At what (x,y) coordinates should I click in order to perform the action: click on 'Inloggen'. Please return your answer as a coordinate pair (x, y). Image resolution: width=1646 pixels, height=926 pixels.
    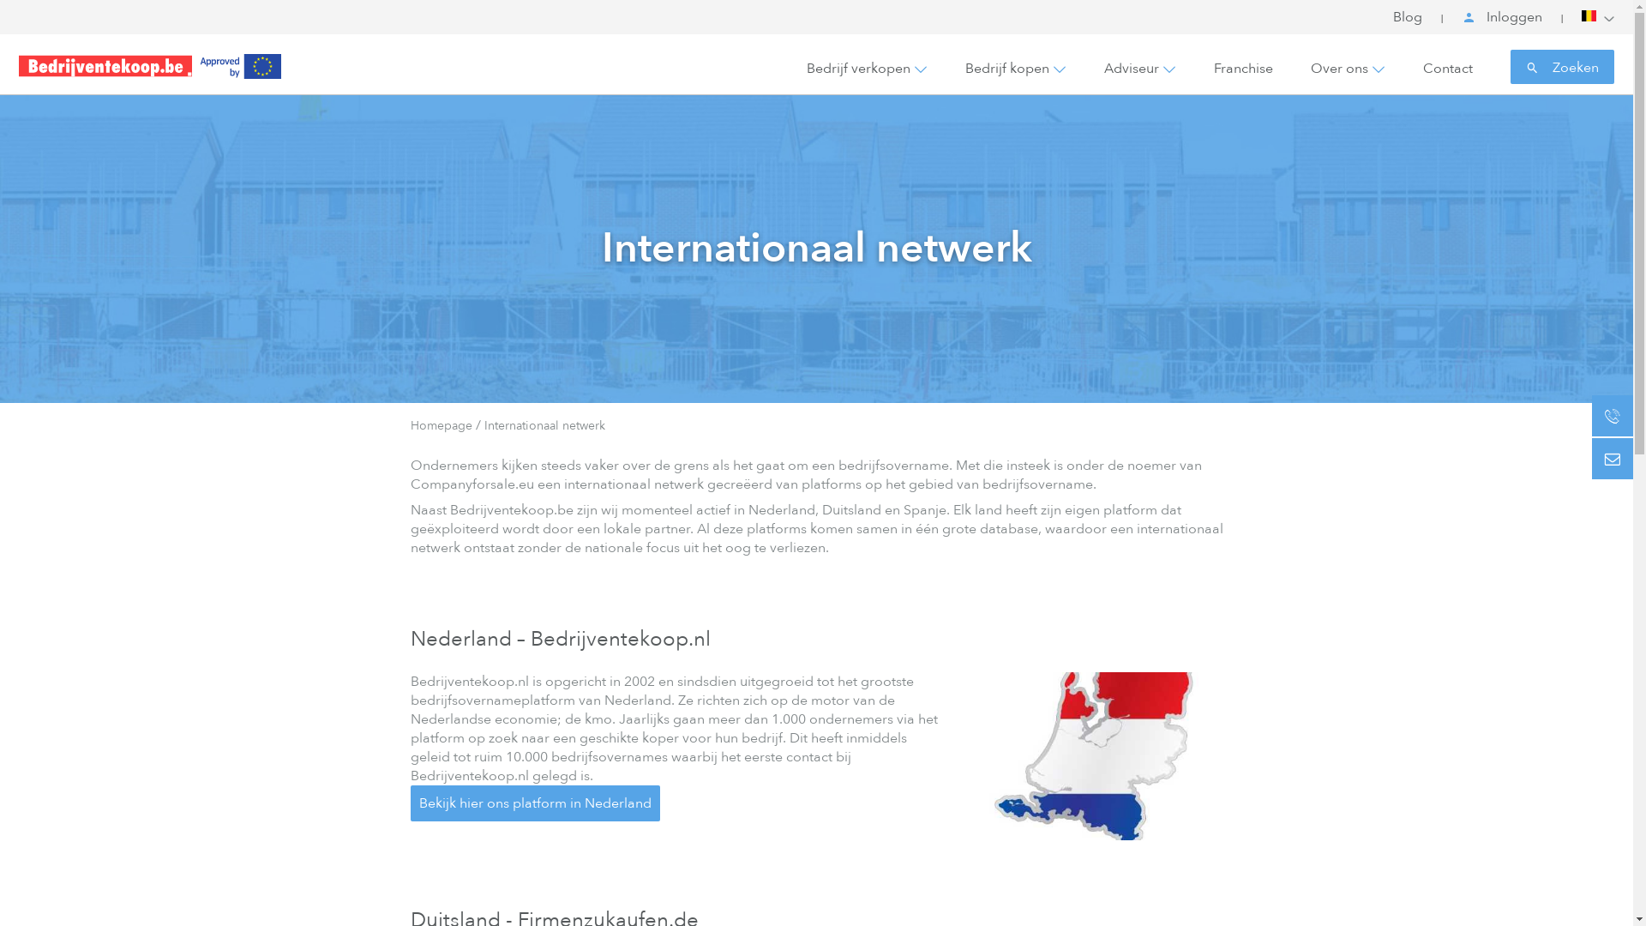
    Looking at the image, I should click on (1460, 21).